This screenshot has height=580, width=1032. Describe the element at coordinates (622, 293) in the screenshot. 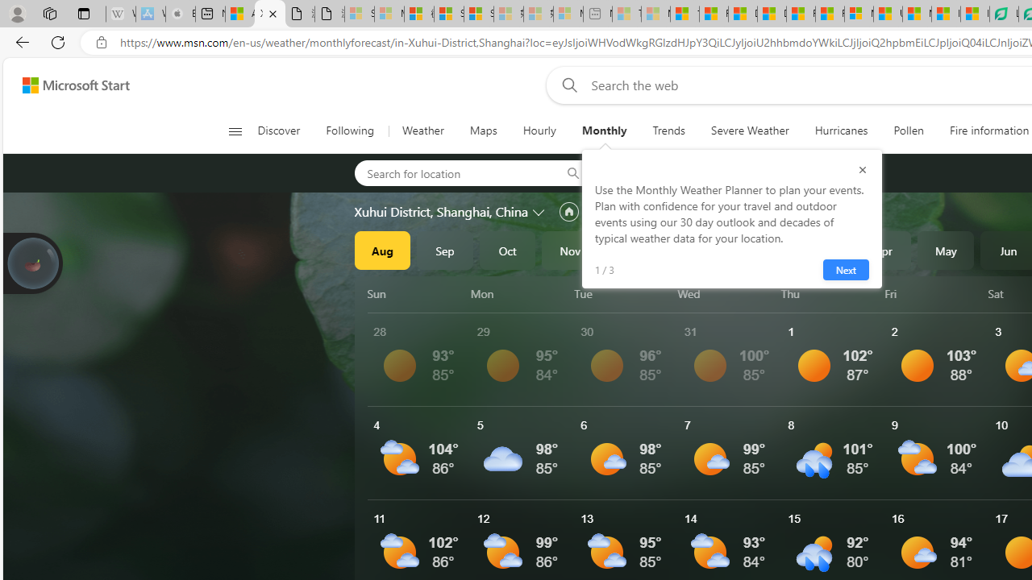

I see `'Tue'` at that location.